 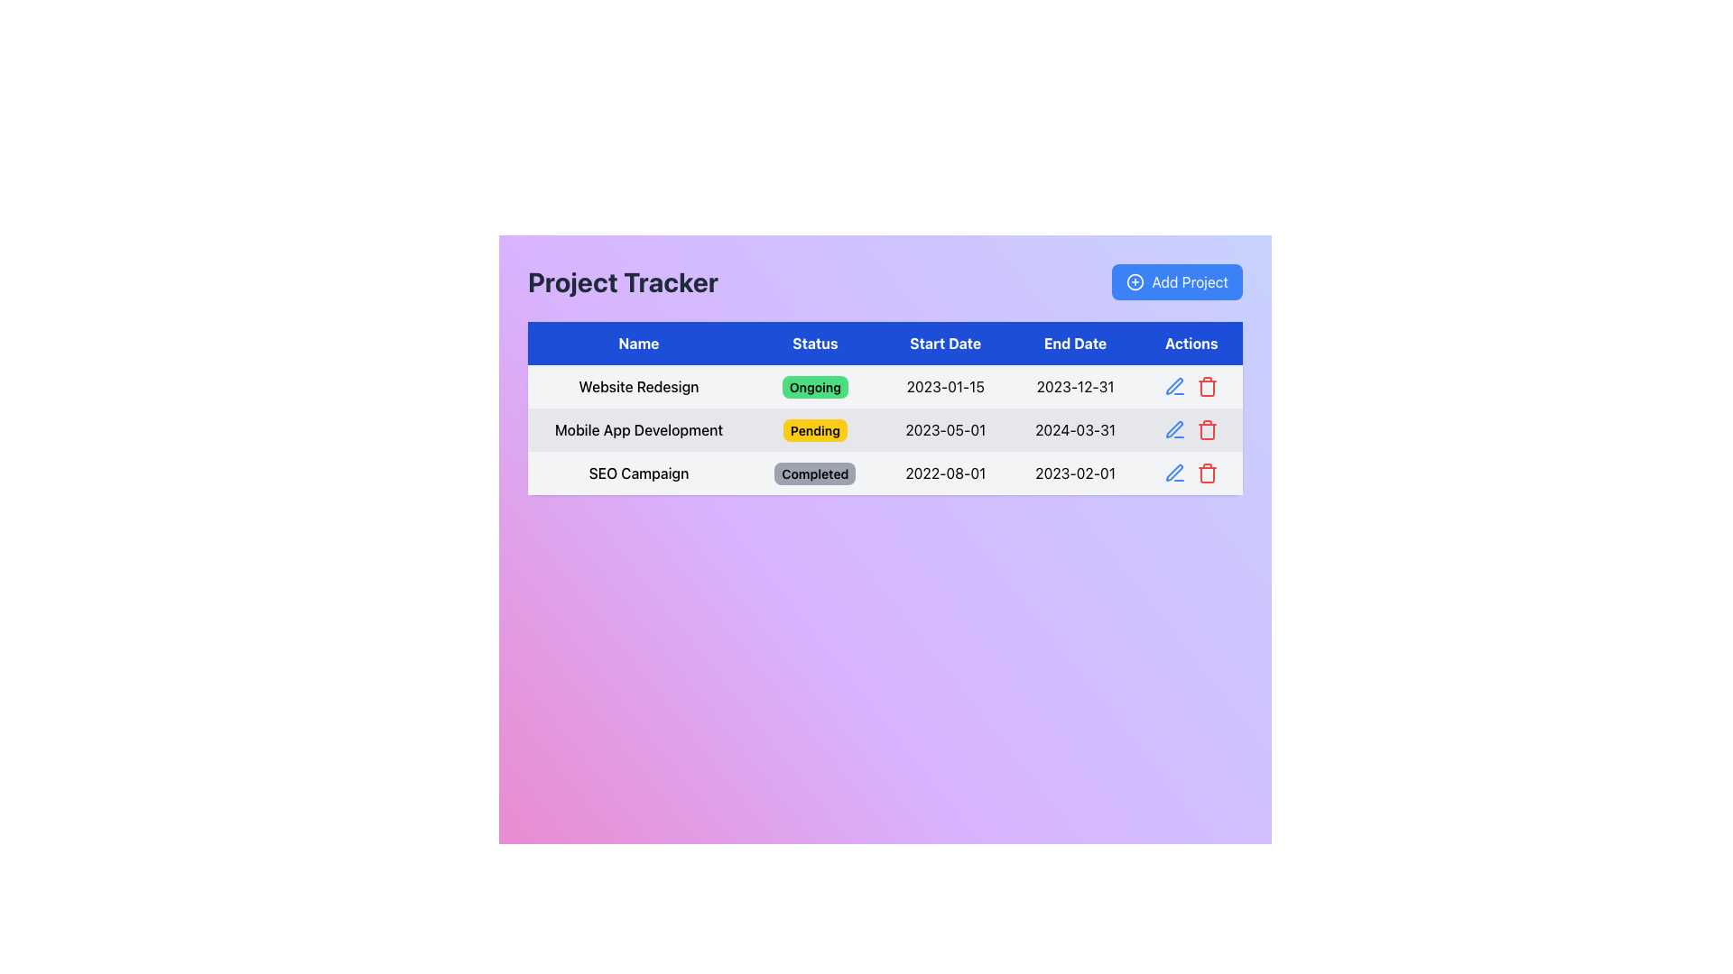 I want to click on the delete icon button in the 'Actions' column on the last row of the table to observe the tooltip or style change, so click(x=1208, y=385).